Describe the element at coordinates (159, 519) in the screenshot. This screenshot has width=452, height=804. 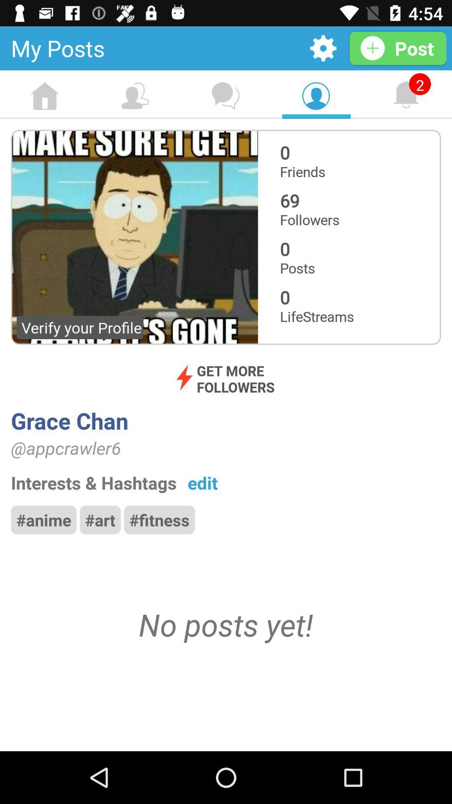
I see `the item to the right of #art icon` at that location.